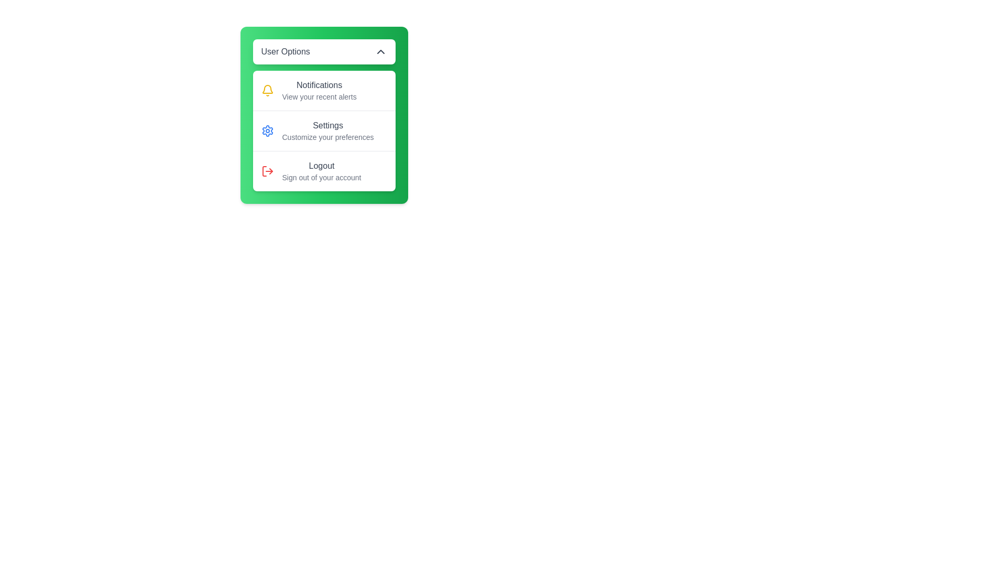 Image resolution: width=1006 pixels, height=566 pixels. What do you see at coordinates (321, 171) in the screenshot?
I see `the 'Logout' text label in the green pop-up menu to initiate the logout process` at bounding box center [321, 171].